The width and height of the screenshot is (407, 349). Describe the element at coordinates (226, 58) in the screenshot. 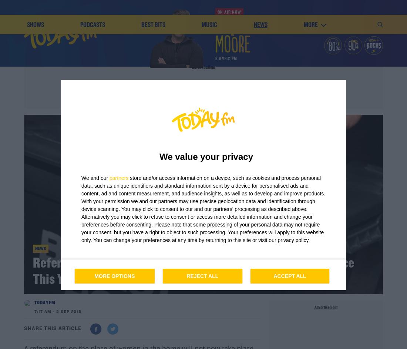

I see `'9 AM-12 PM'` at that location.